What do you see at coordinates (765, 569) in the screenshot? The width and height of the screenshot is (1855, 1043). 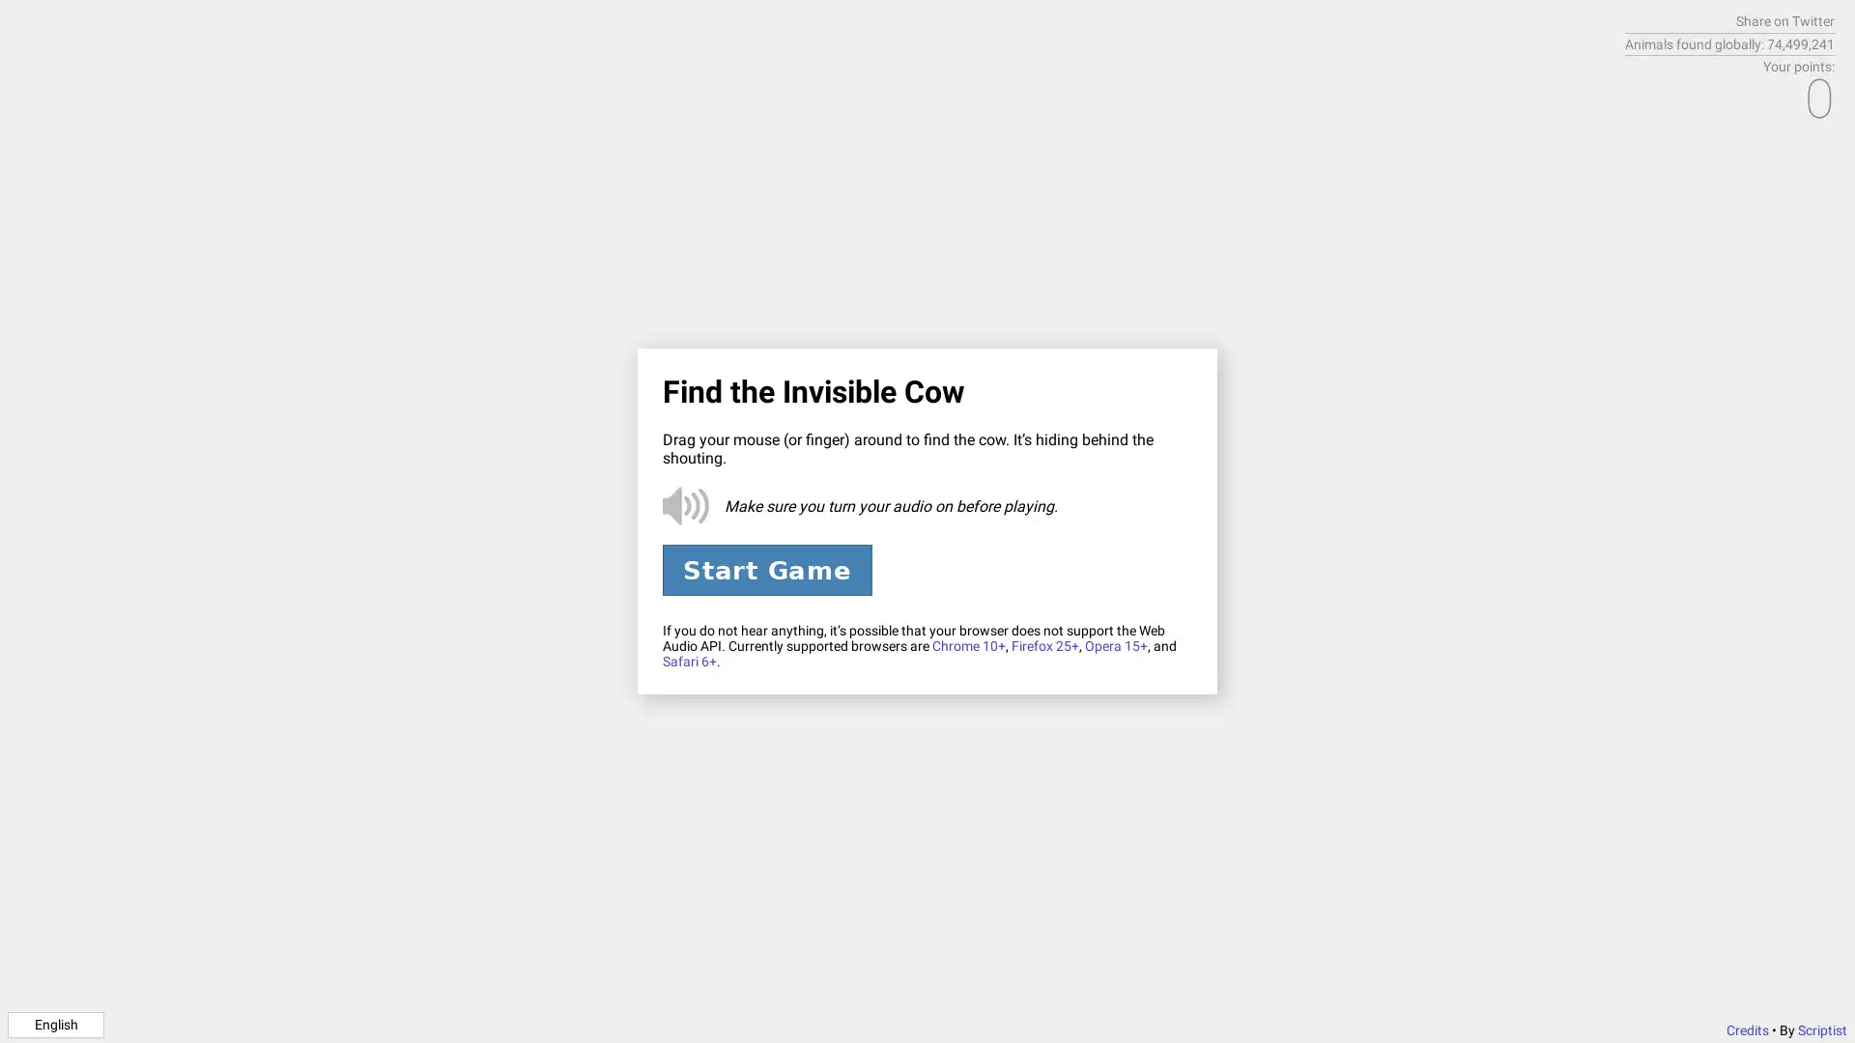 I see `Start Game` at bounding box center [765, 569].